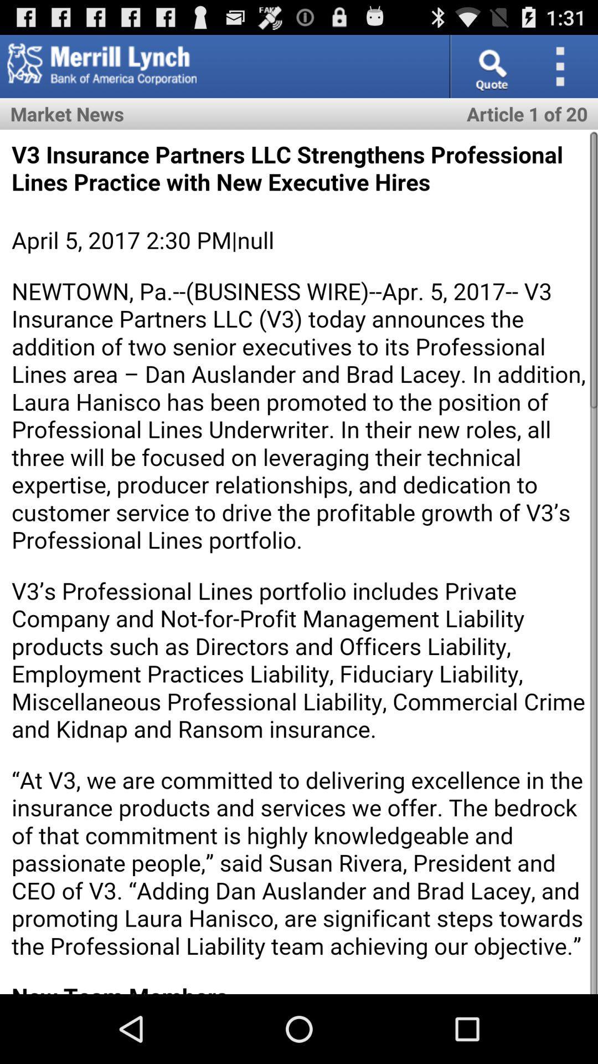 Image resolution: width=598 pixels, height=1064 pixels. What do you see at coordinates (564, 66) in the screenshot?
I see `overflow action button` at bounding box center [564, 66].